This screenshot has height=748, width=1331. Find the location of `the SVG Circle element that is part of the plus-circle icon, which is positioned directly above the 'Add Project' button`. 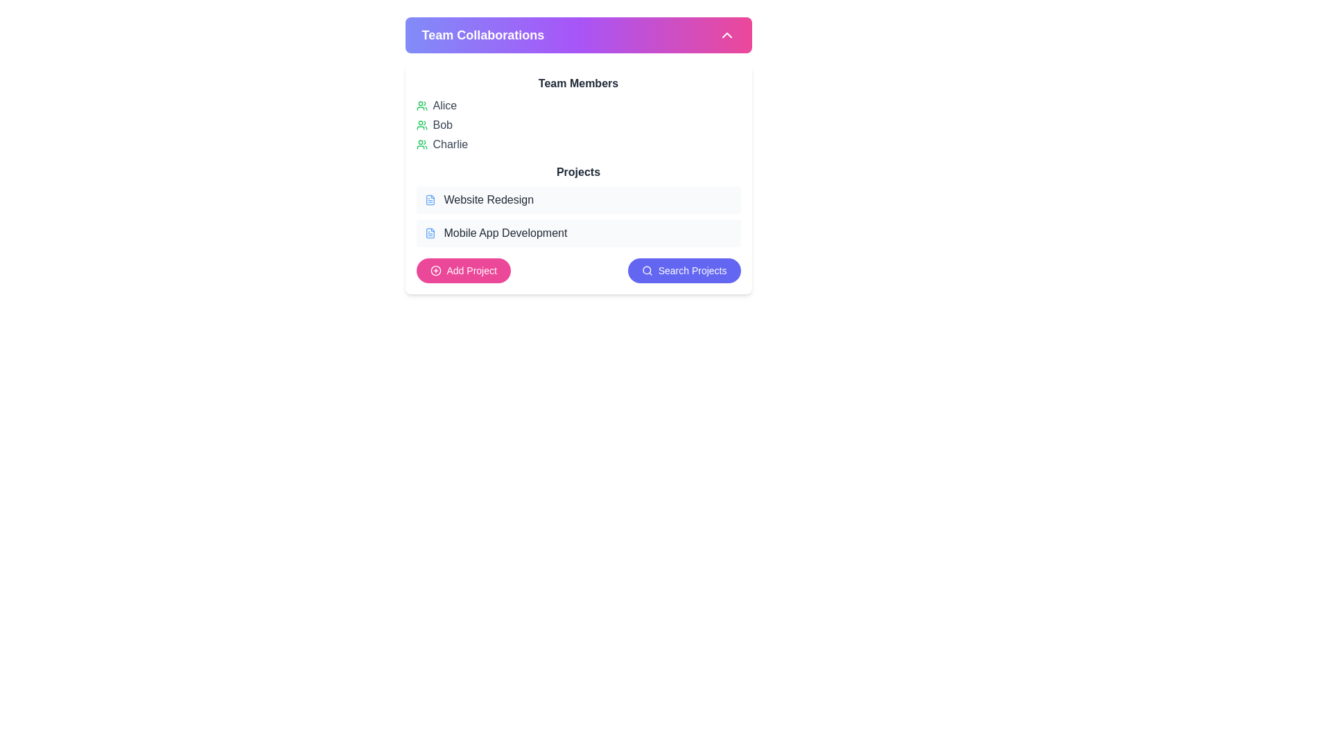

the SVG Circle element that is part of the plus-circle icon, which is positioned directly above the 'Add Project' button is located at coordinates (435, 270).